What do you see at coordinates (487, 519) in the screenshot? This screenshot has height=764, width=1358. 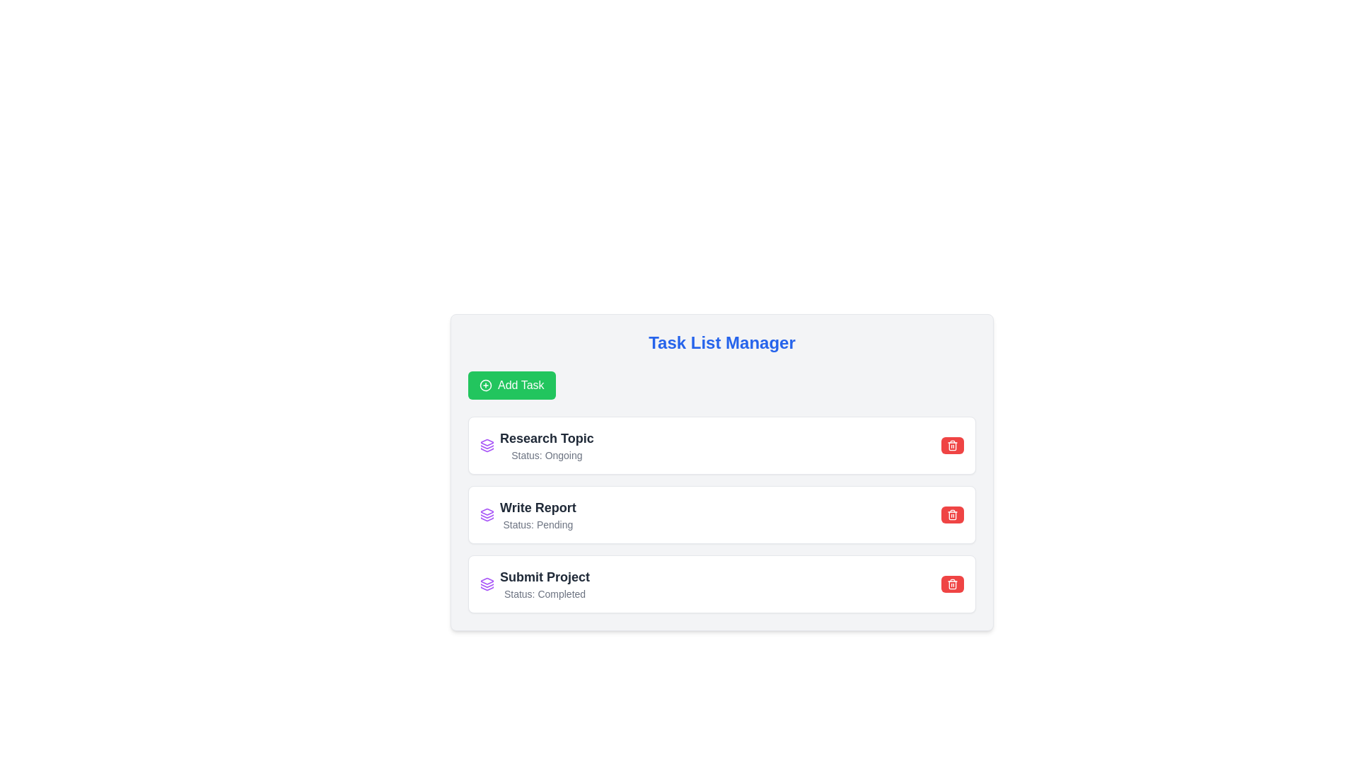 I see `the third subcomponent of the layered SVG icon representing a task entity, which is located to the left of the text 'Research Topic'` at bounding box center [487, 519].